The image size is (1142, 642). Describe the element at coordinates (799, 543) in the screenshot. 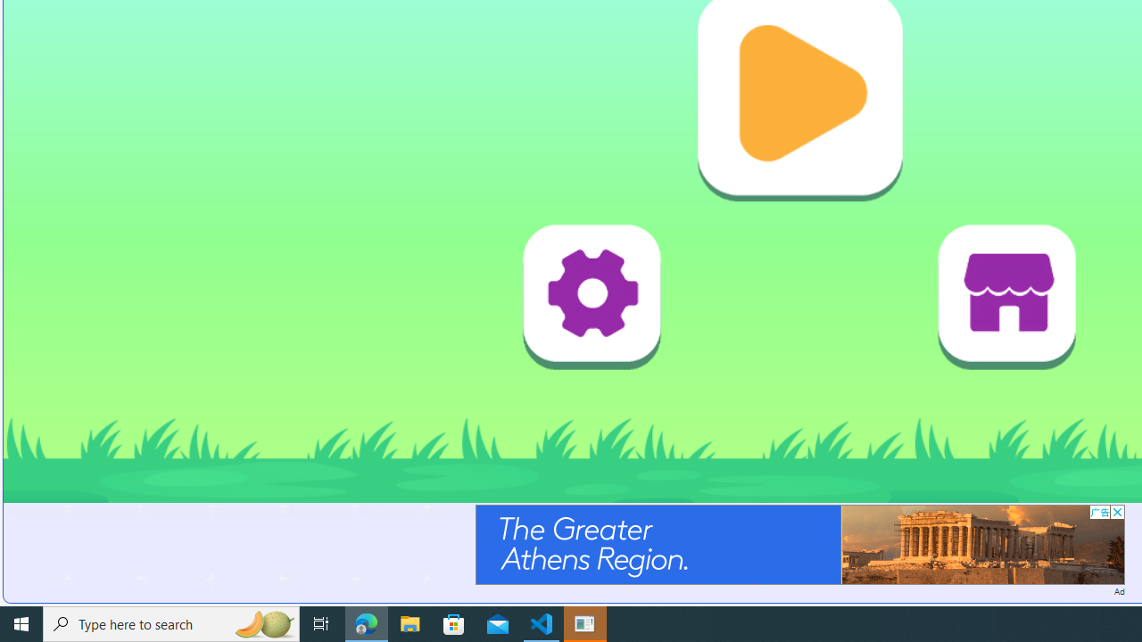

I see `'Advertisement'` at that location.